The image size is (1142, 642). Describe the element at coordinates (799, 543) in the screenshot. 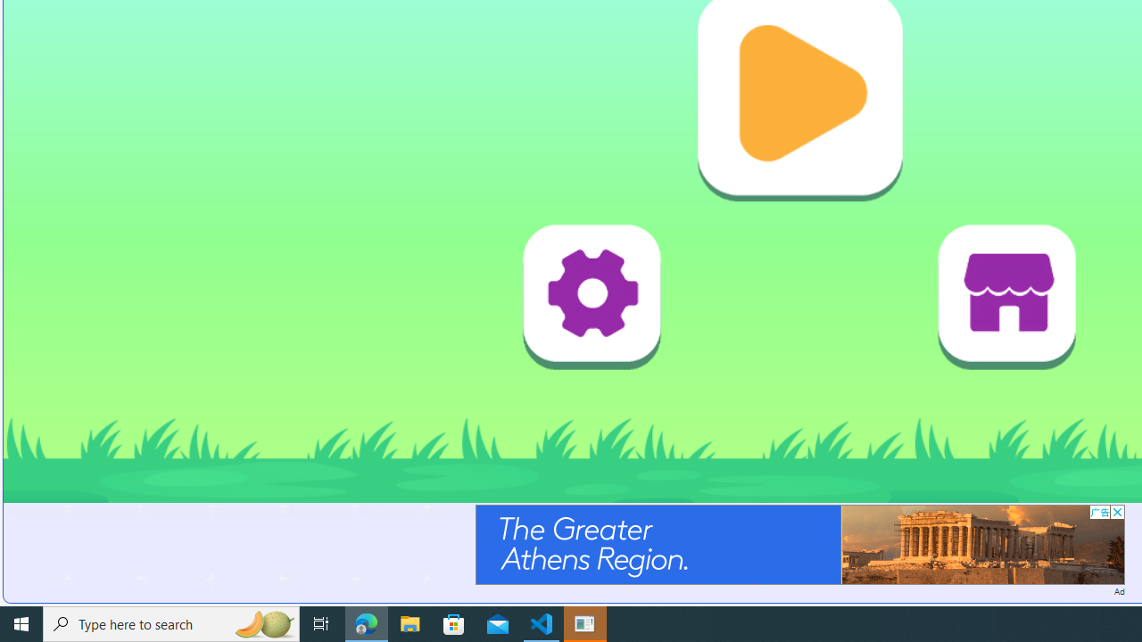

I see `'Advertisement'` at that location.